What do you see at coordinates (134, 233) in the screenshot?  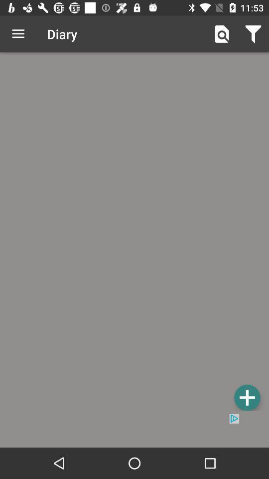 I see `the icon at the center` at bounding box center [134, 233].